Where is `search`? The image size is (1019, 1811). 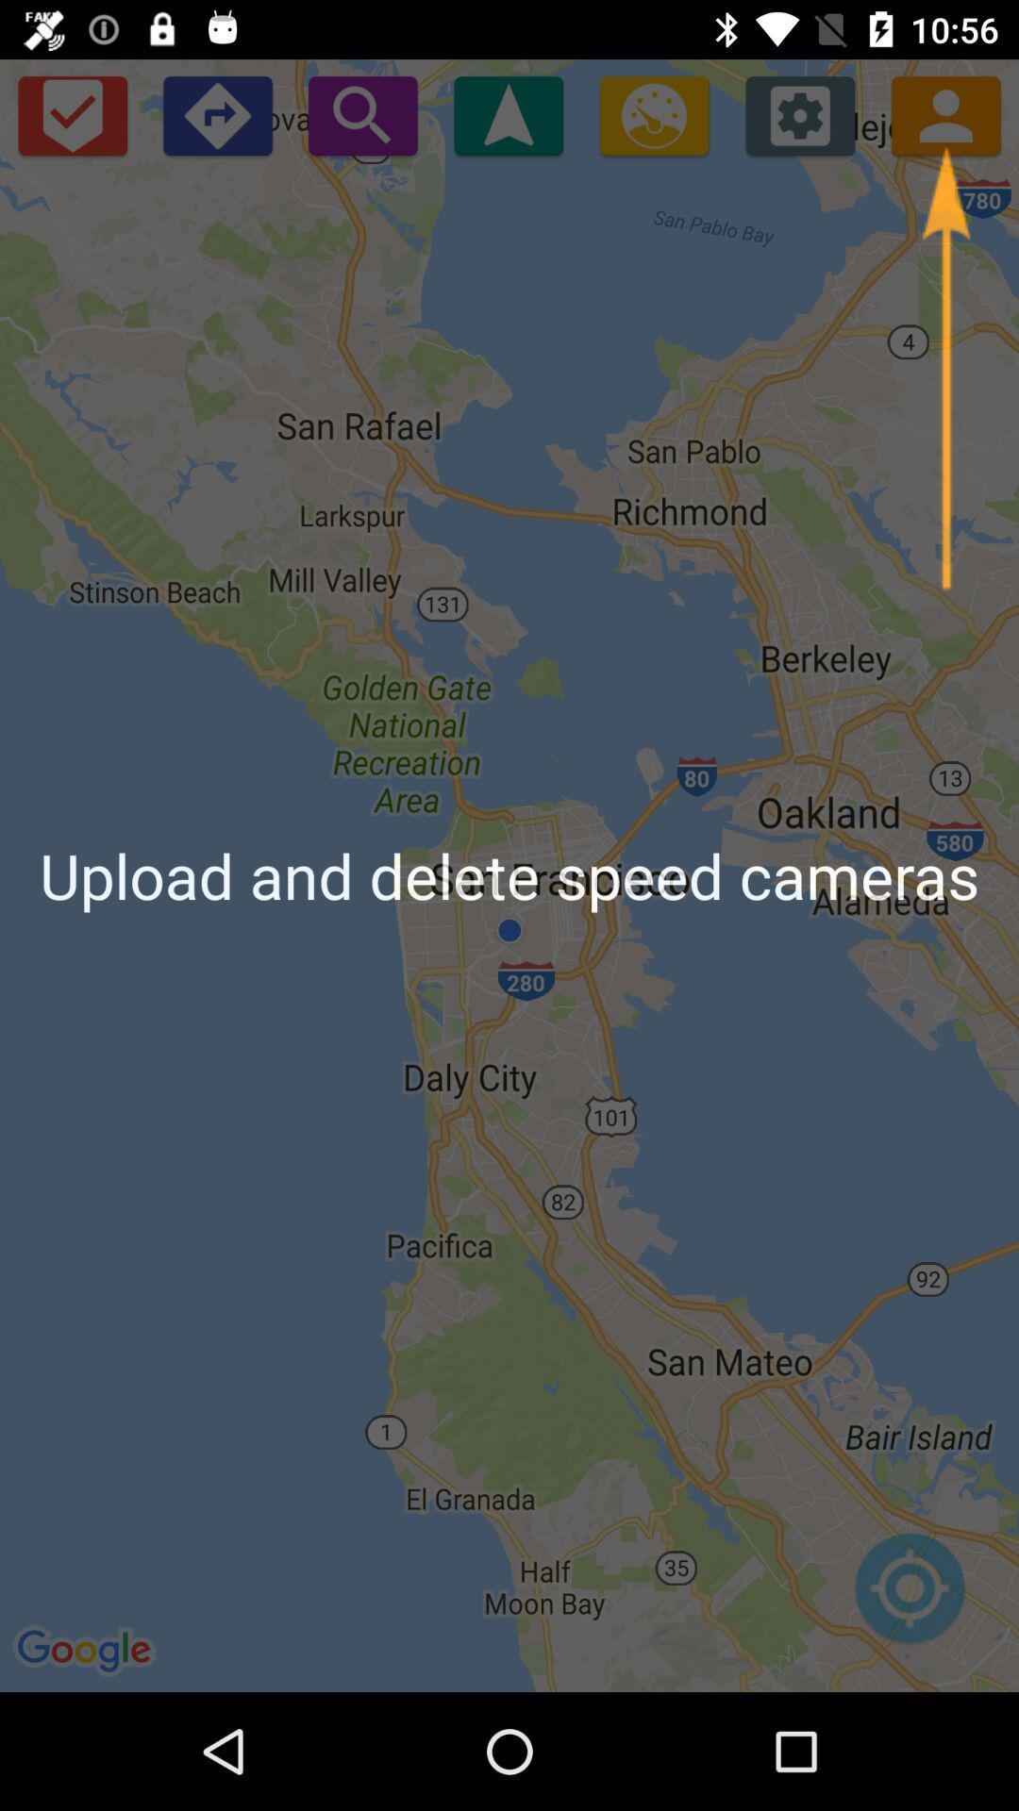 search is located at coordinates (362, 114).